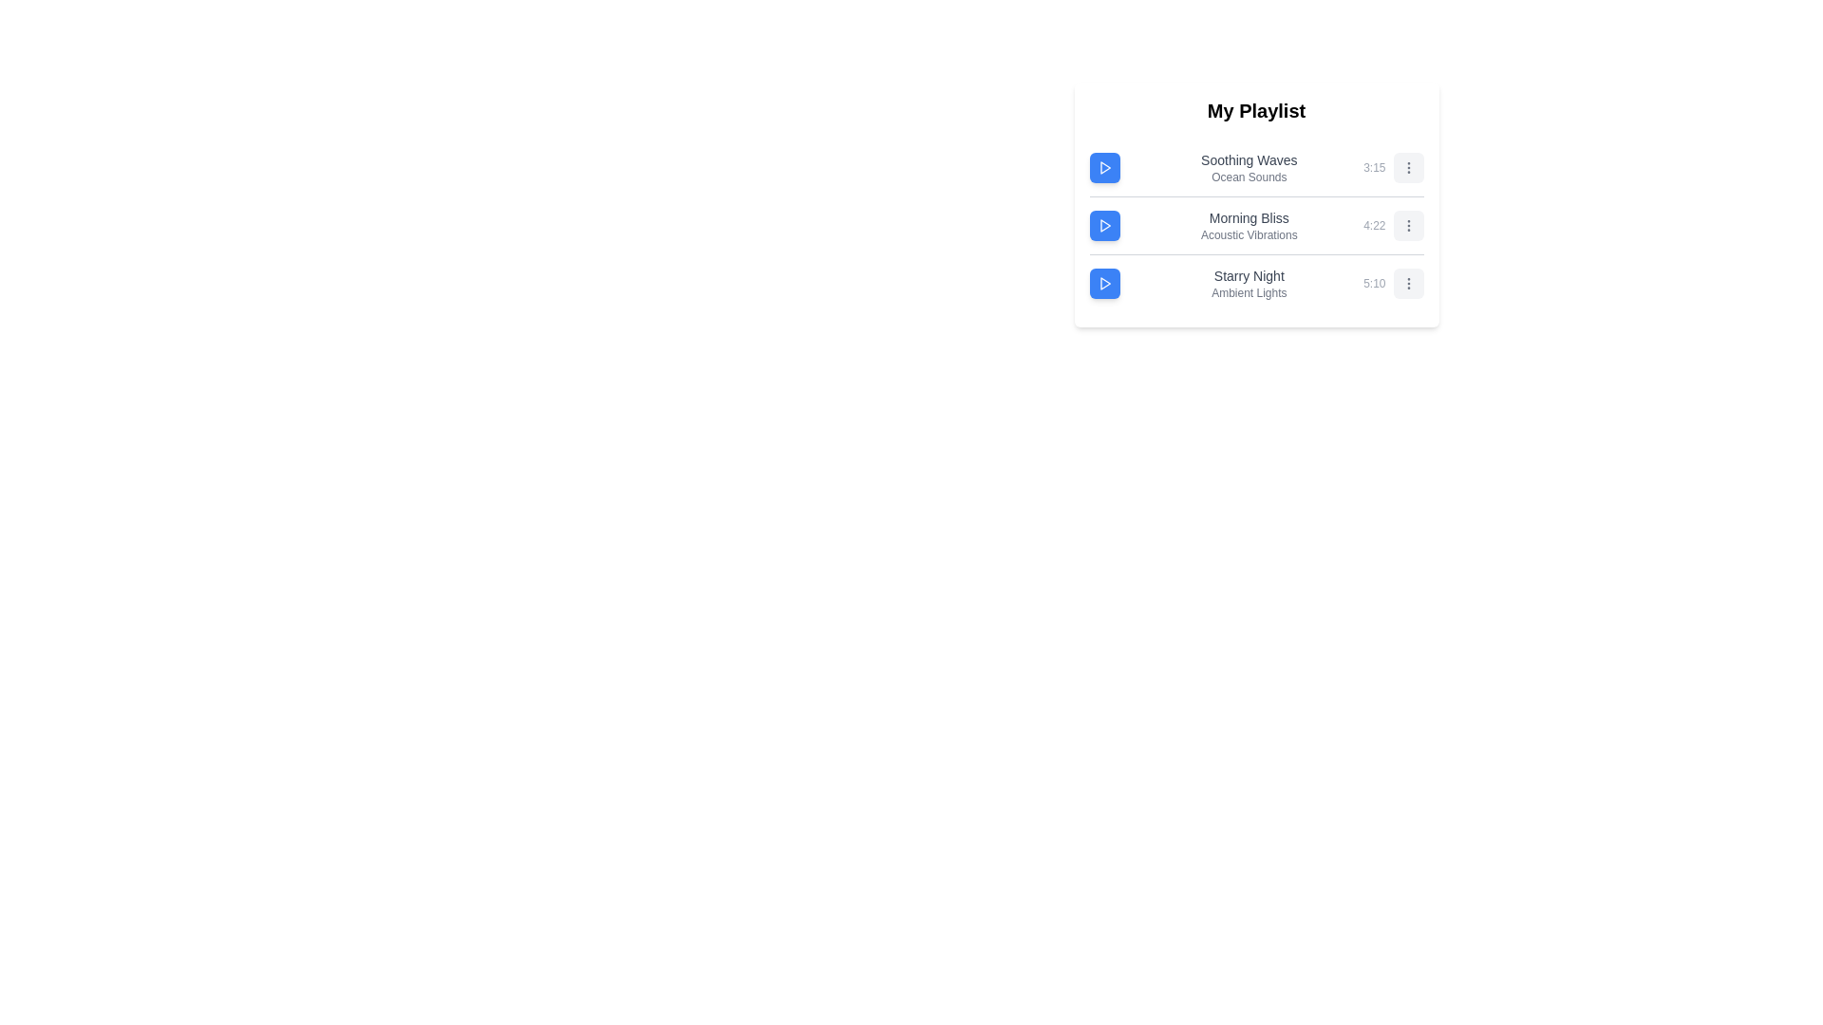 The width and height of the screenshot is (1823, 1025). I want to click on the 'More options' button for the playlist item 'Morning Bliss', so click(1408, 225).